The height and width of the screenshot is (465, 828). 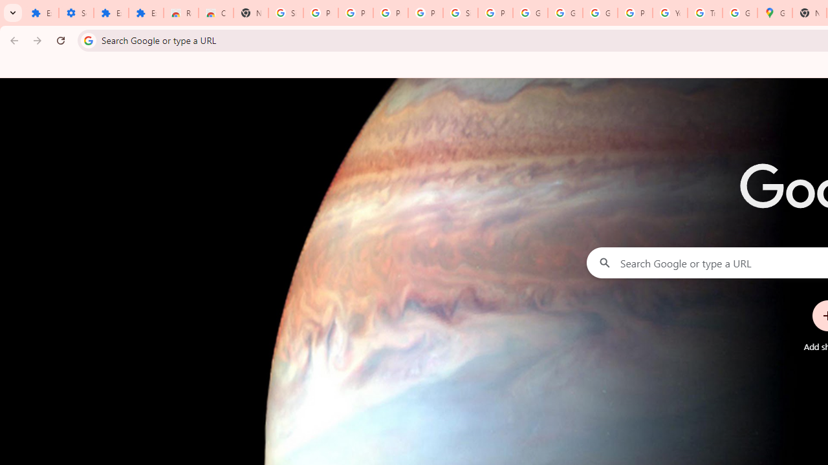 I want to click on 'YouTube', so click(x=670, y=13).